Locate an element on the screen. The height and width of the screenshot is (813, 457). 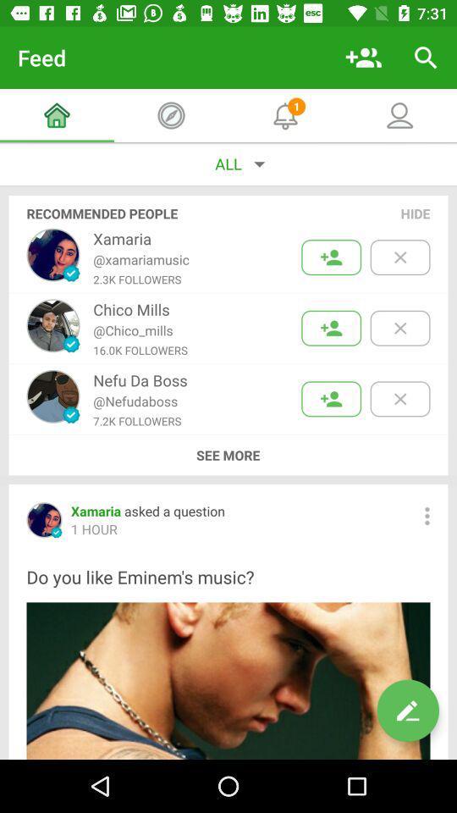
delete recommendation is located at coordinates (399, 399).